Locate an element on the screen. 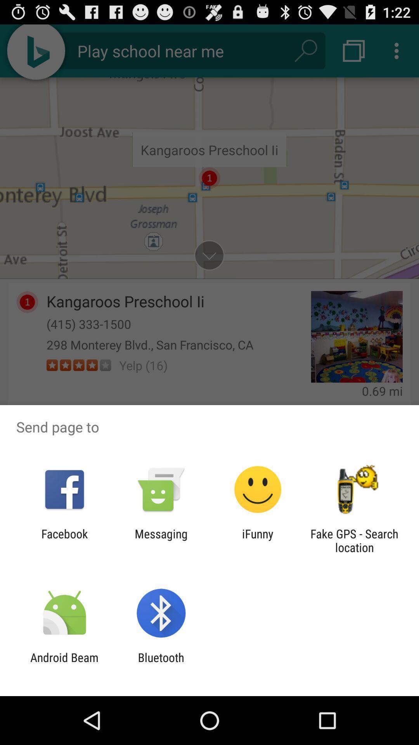 Image resolution: width=419 pixels, height=745 pixels. fake gps search icon is located at coordinates (354, 540).